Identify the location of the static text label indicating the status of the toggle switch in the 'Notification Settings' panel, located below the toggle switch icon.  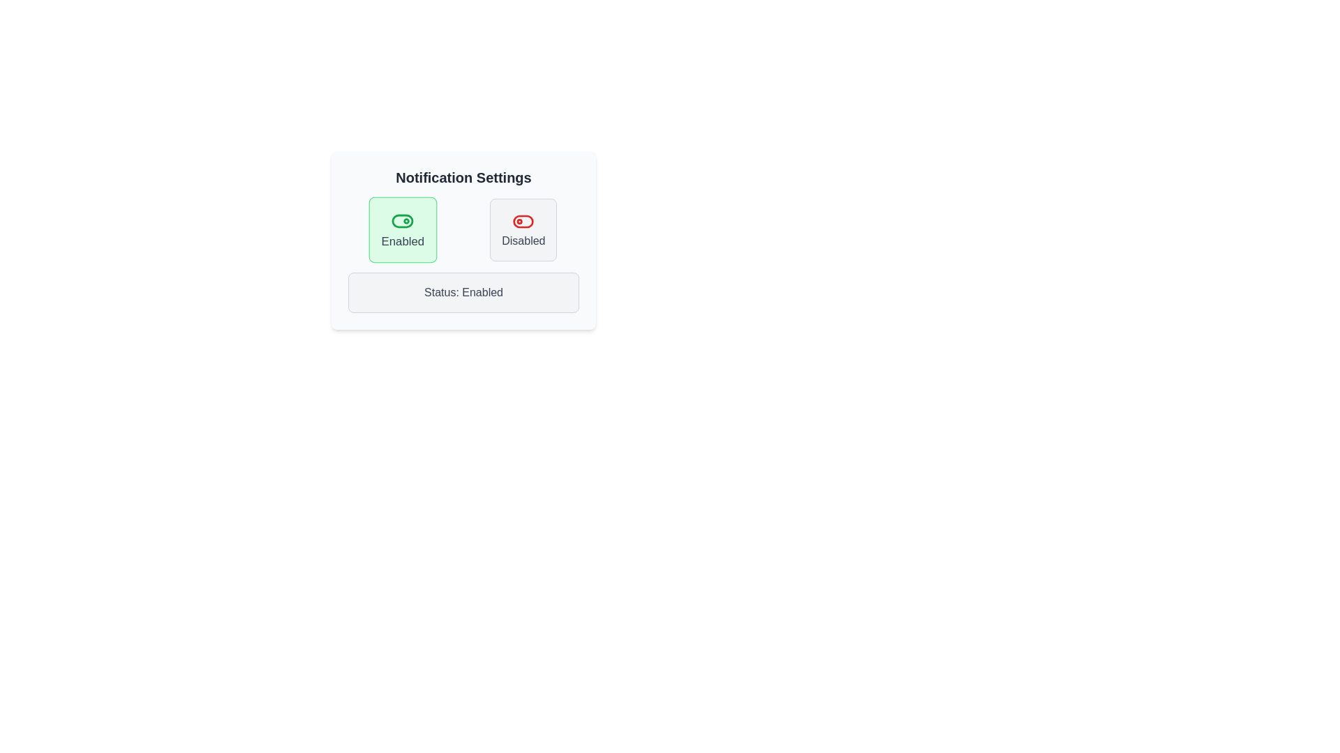
(401, 241).